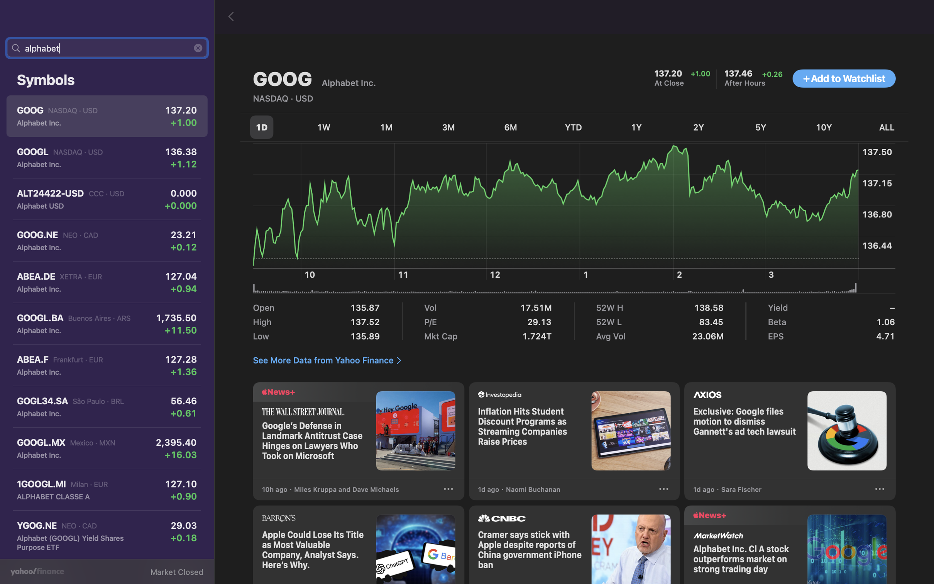 The width and height of the screenshot is (934, 584). Describe the element at coordinates (844, 79) in the screenshot. I see `Add multiple stocks to watchlist` at that location.